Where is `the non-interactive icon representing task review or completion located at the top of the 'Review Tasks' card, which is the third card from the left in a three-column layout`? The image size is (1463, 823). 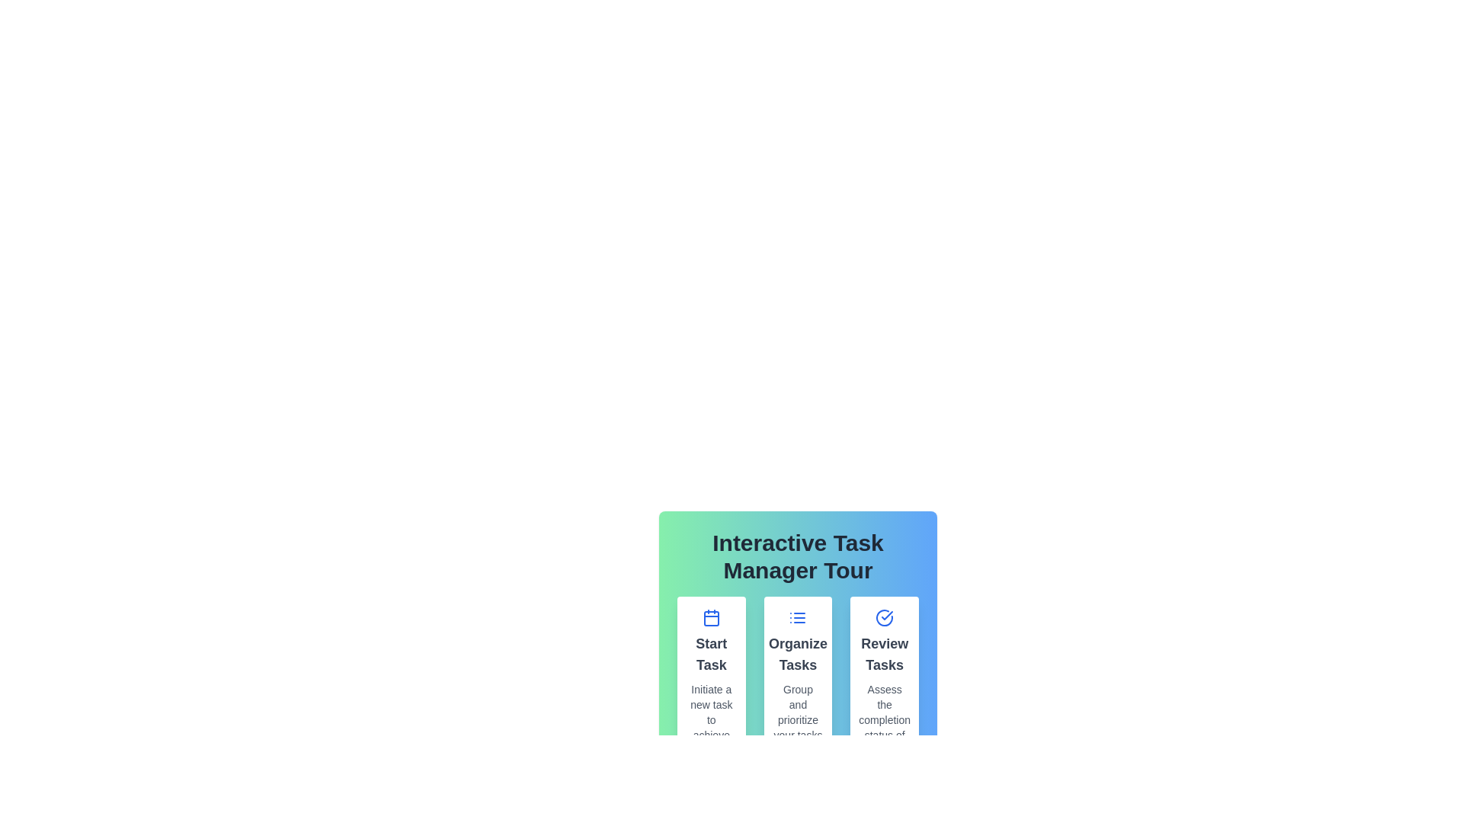 the non-interactive icon representing task review or completion located at the top of the 'Review Tasks' card, which is the third card from the left in a three-column layout is located at coordinates (885, 617).